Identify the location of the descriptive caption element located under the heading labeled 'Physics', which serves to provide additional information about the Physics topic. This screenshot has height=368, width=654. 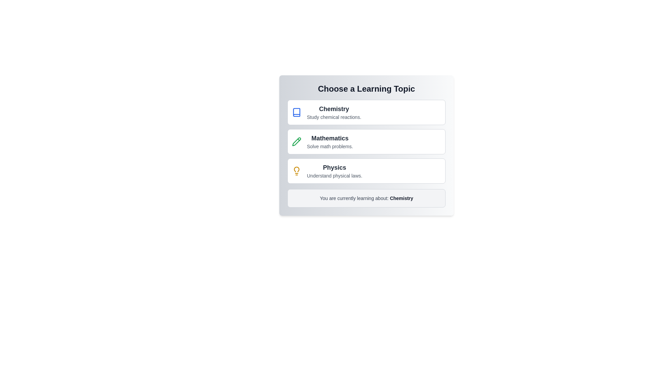
(334, 175).